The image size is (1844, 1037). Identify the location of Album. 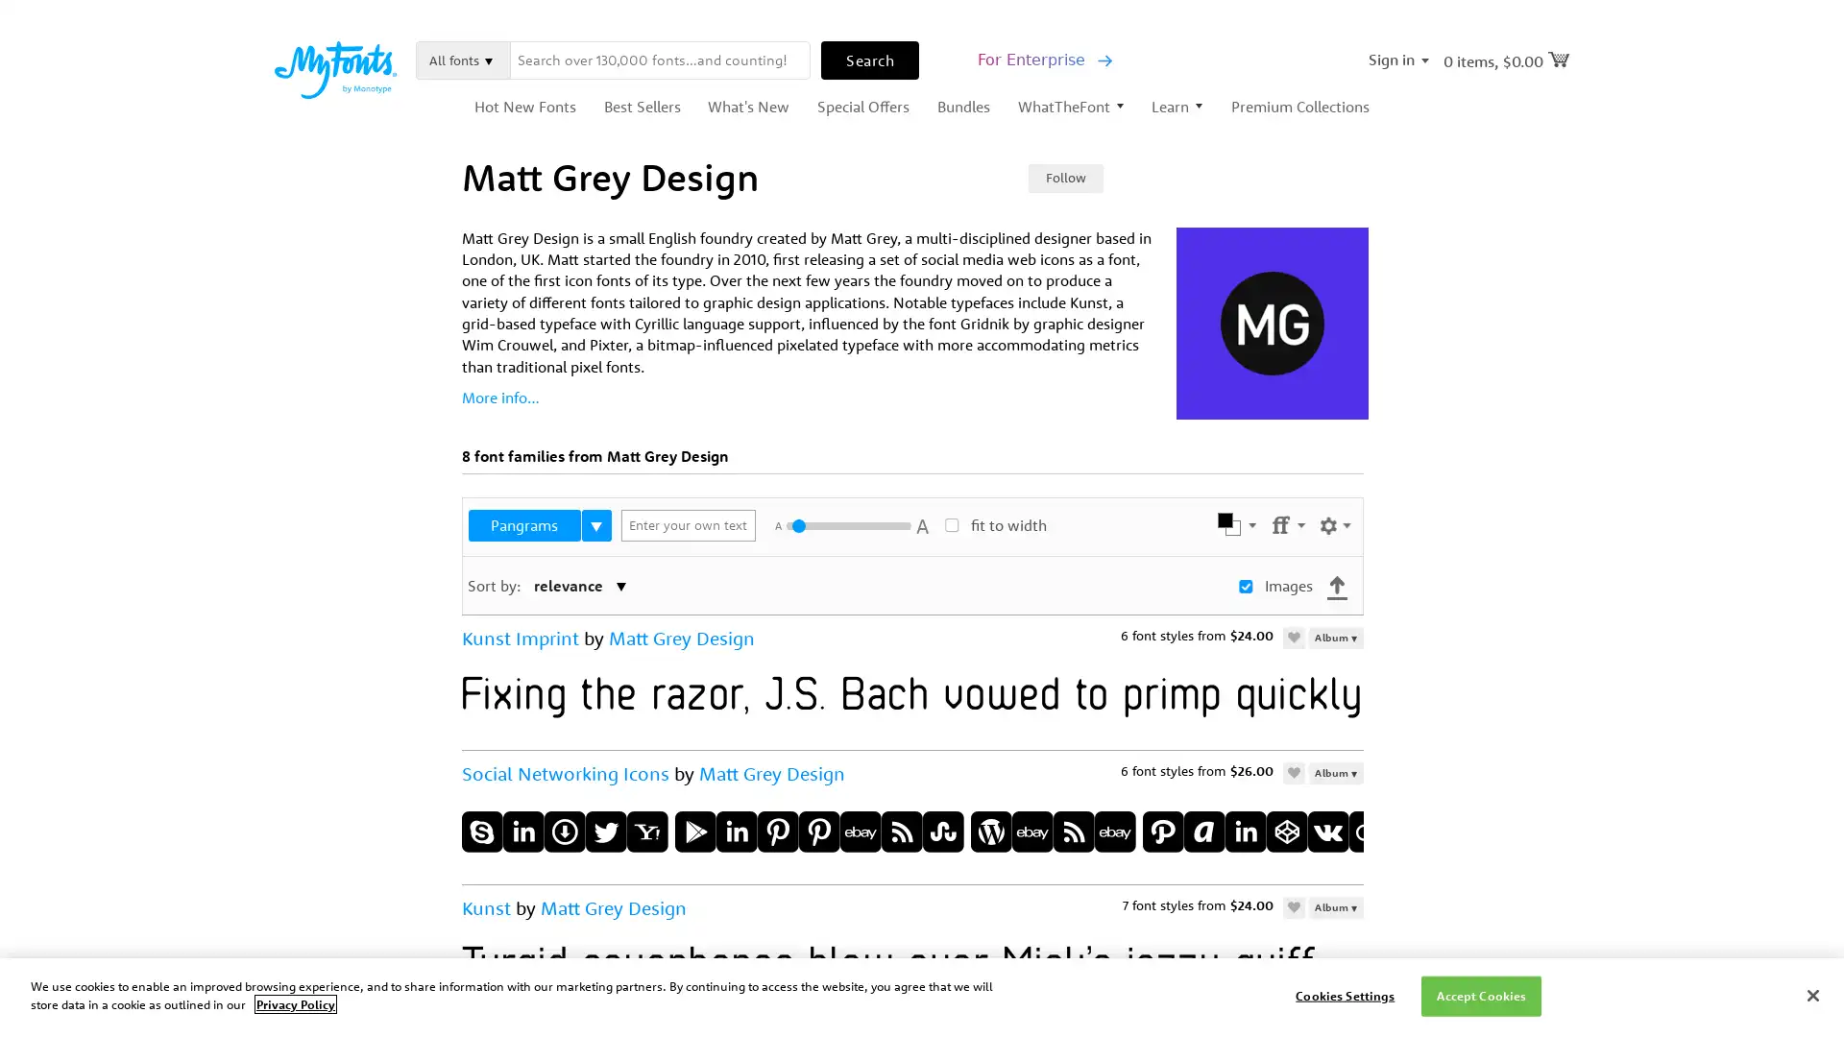
(1335, 771).